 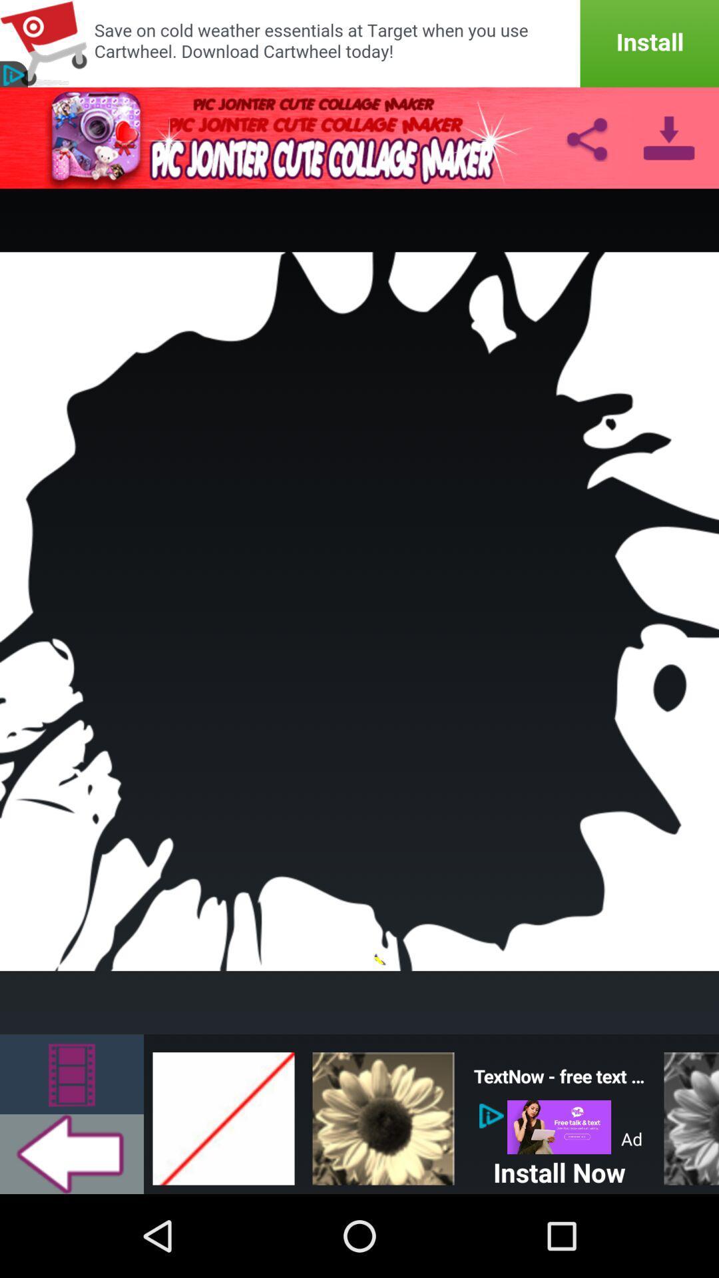 I want to click on the install now item, so click(x=559, y=1169).